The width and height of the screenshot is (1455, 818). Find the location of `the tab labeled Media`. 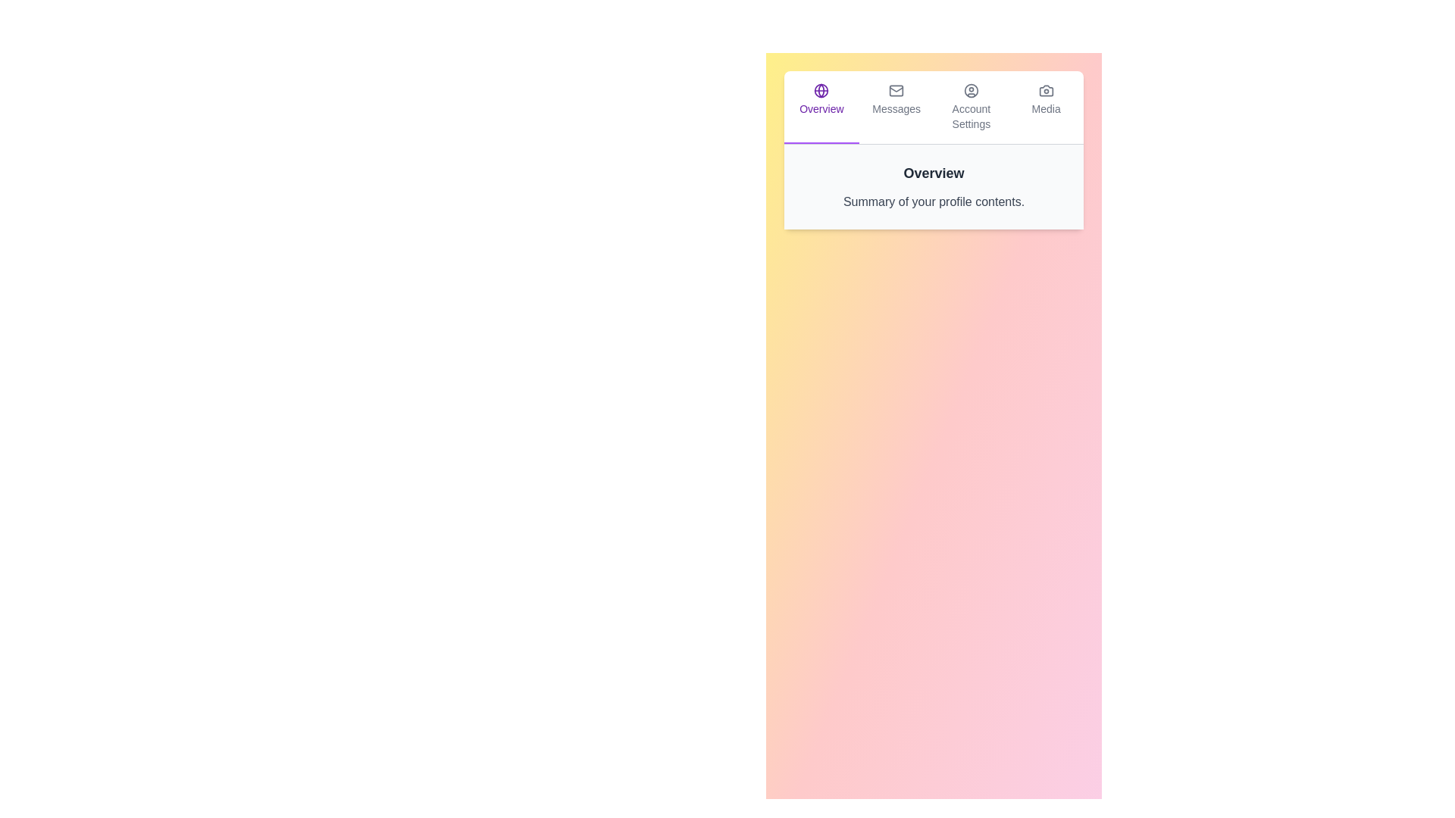

the tab labeled Media is located at coordinates (1045, 107).